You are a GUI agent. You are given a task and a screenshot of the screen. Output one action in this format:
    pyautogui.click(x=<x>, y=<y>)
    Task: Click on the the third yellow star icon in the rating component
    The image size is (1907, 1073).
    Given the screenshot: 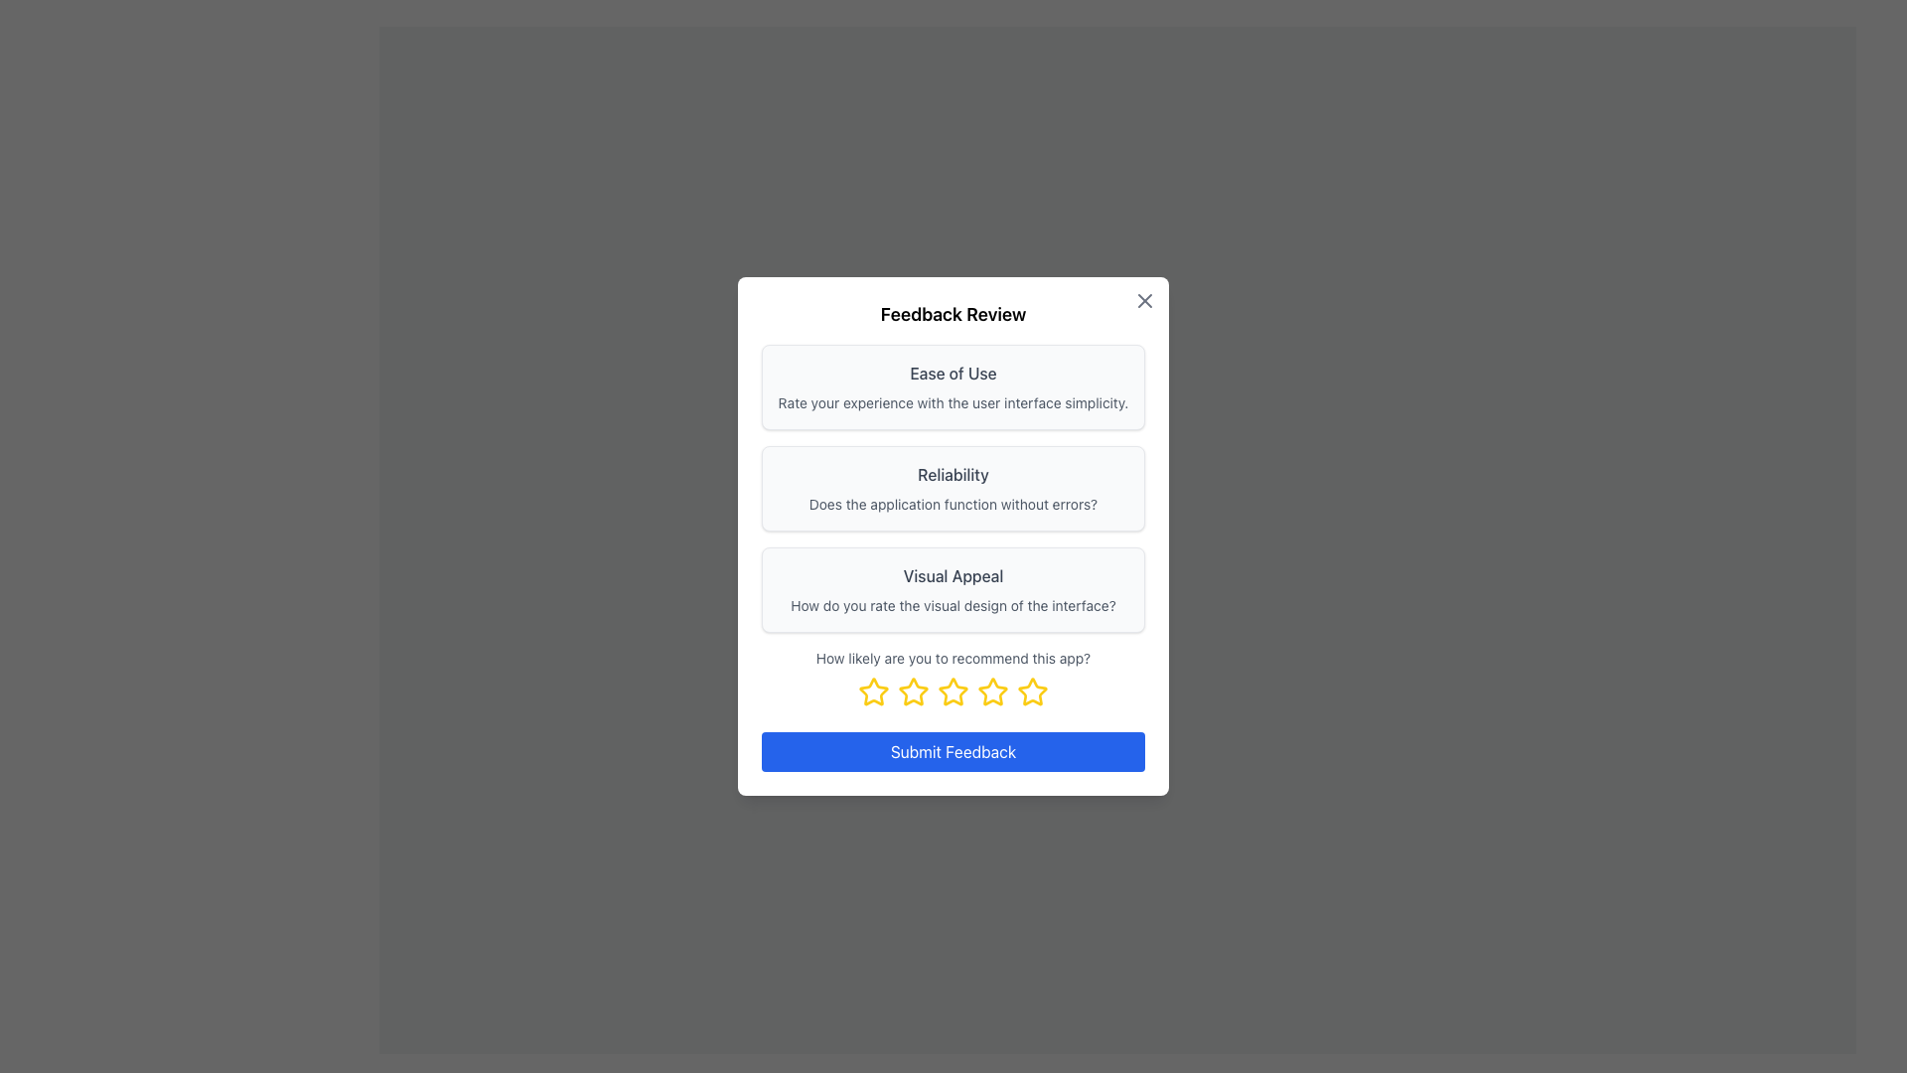 What is the action you would take?
    pyautogui.click(x=953, y=691)
    